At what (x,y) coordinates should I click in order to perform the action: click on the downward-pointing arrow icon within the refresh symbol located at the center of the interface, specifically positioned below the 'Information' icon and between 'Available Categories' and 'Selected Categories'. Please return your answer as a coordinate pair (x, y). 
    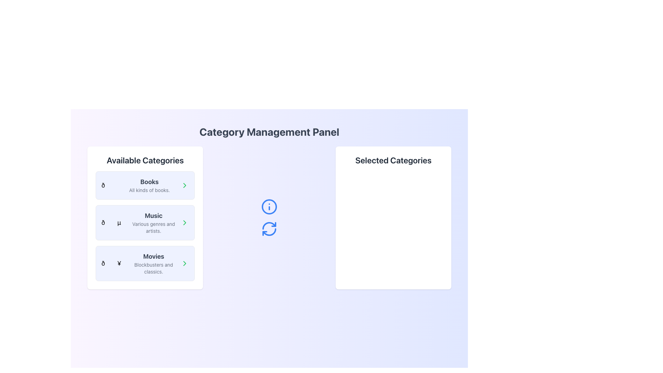
    Looking at the image, I should click on (273, 224).